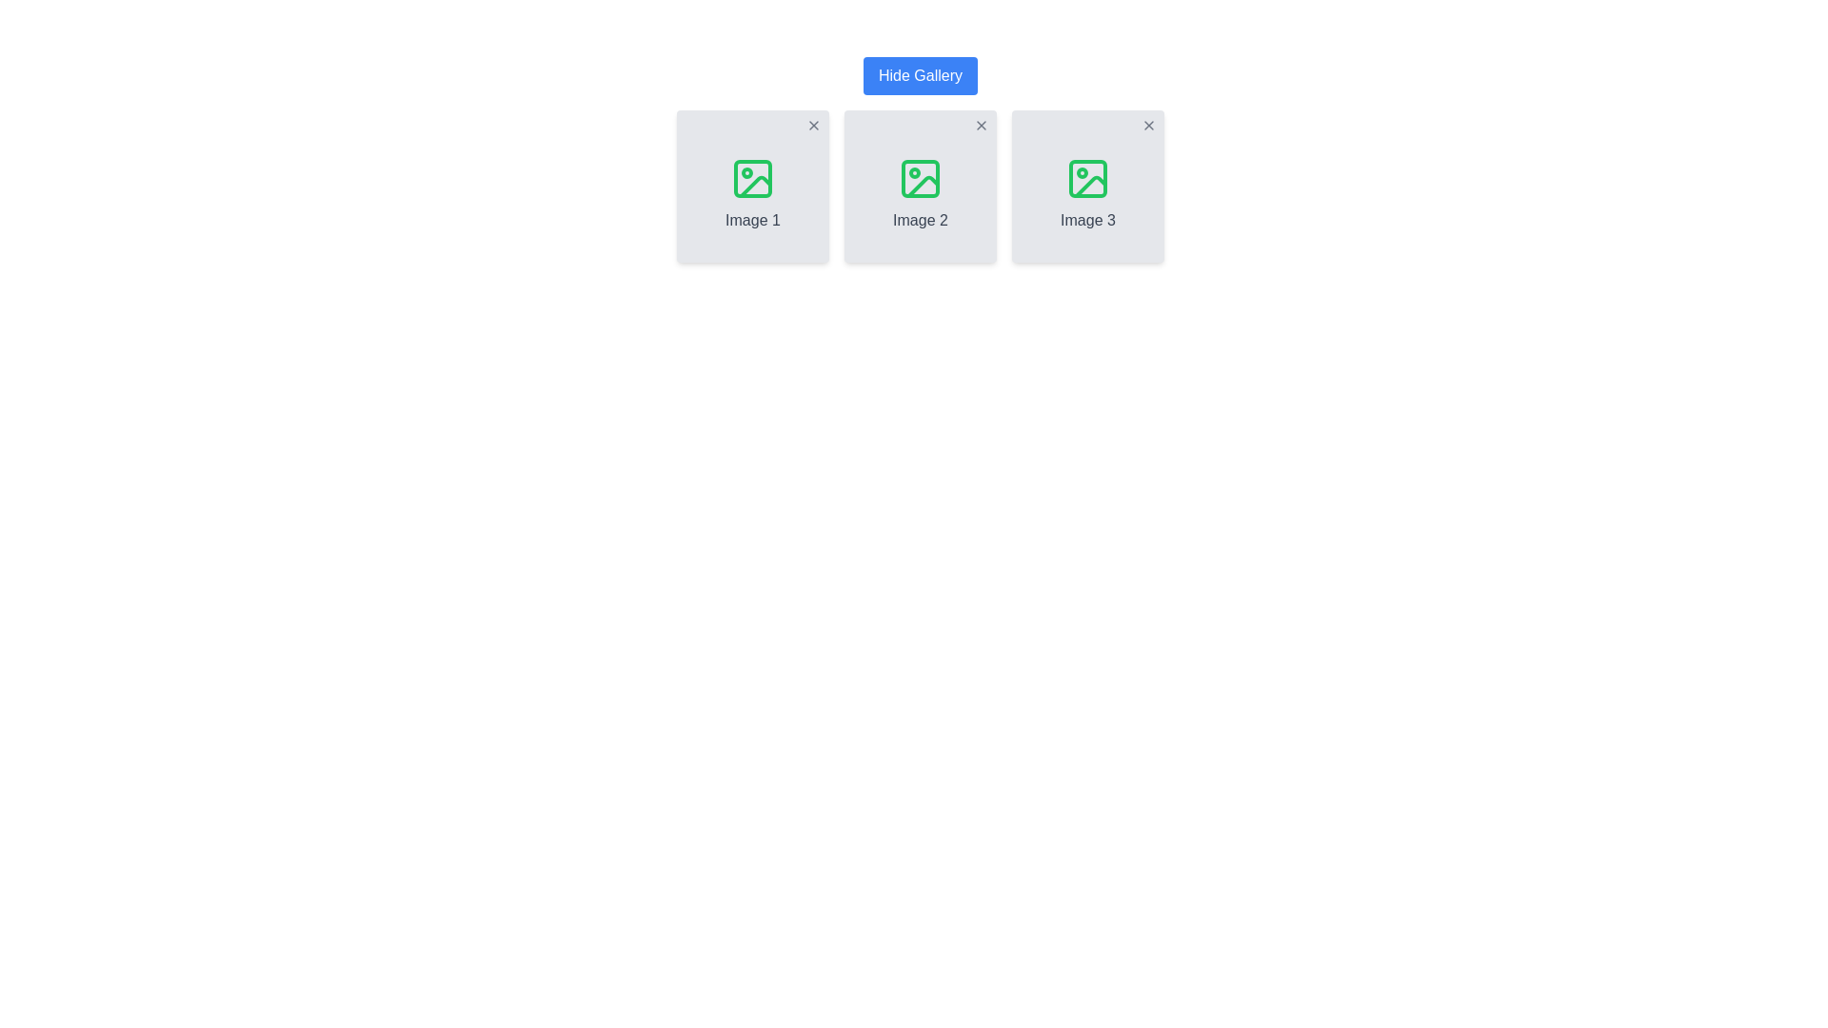 The width and height of the screenshot is (1828, 1028). I want to click on the close button icon in the top-right corner of the 'Image 1' card, so click(813, 125).